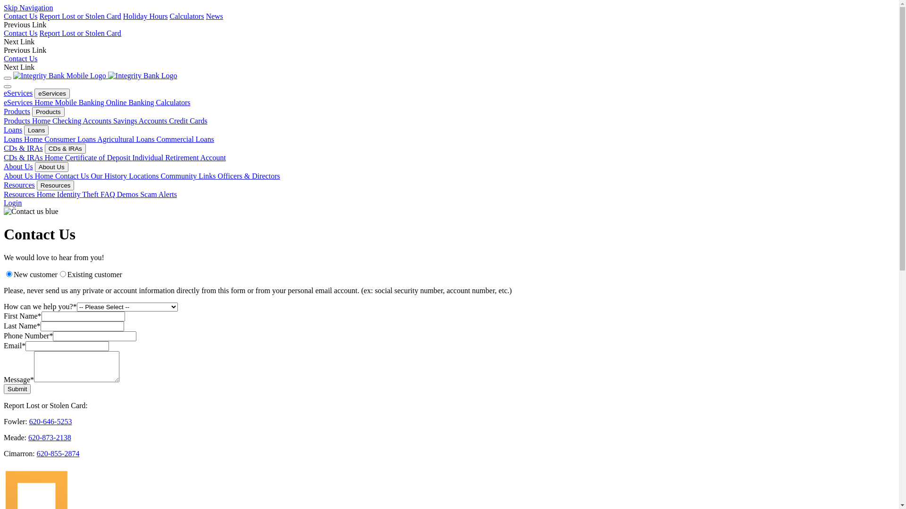  I want to click on 'eServices Home', so click(29, 102).